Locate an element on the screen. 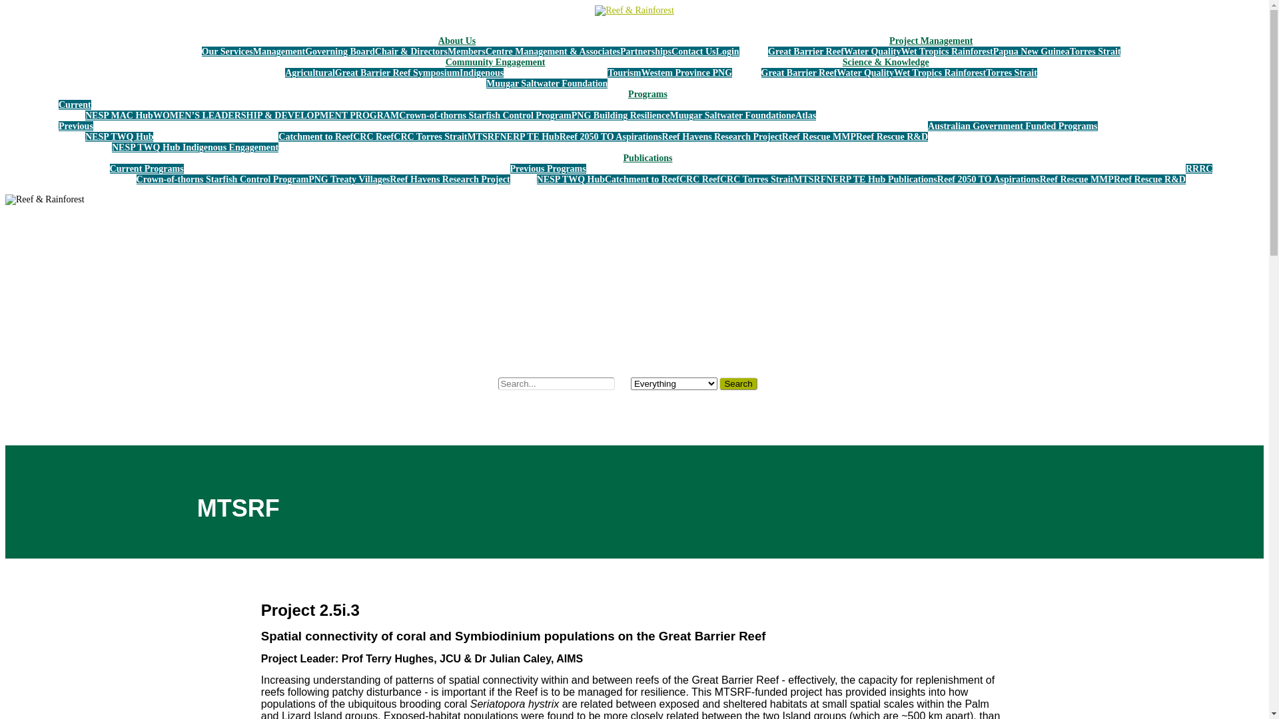 The height and width of the screenshot is (719, 1279). 'Wet Tropics Rainforest' is located at coordinates (894, 73).